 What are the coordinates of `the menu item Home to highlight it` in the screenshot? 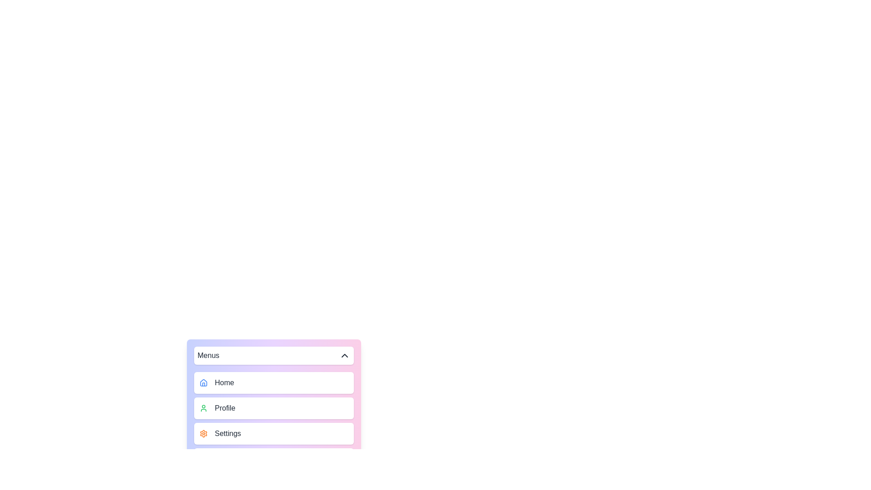 It's located at (273, 383).